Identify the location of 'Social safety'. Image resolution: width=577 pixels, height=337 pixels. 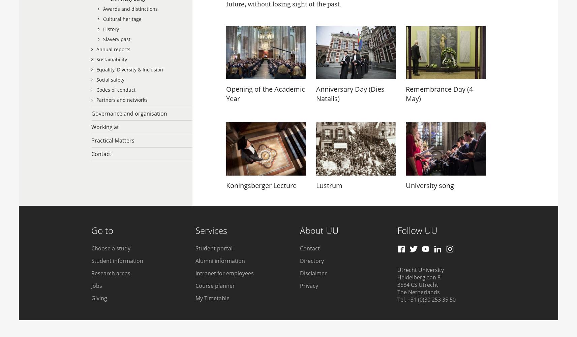
(110, 79).